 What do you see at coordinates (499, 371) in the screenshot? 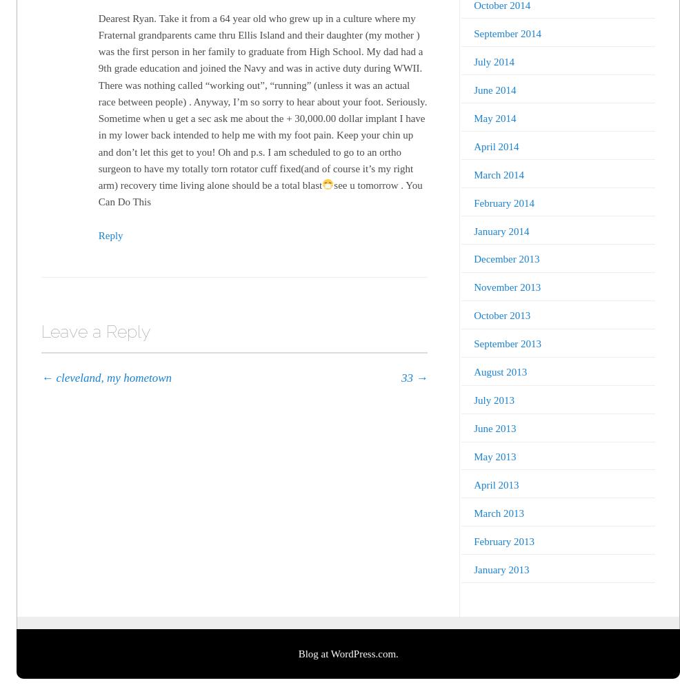
I see `'August 2013'` at bounding box center [499, 371].